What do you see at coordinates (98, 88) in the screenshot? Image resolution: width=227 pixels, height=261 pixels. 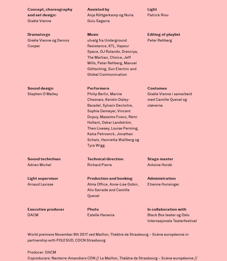 I see `'Performers'` at bounding box center [98, 88].